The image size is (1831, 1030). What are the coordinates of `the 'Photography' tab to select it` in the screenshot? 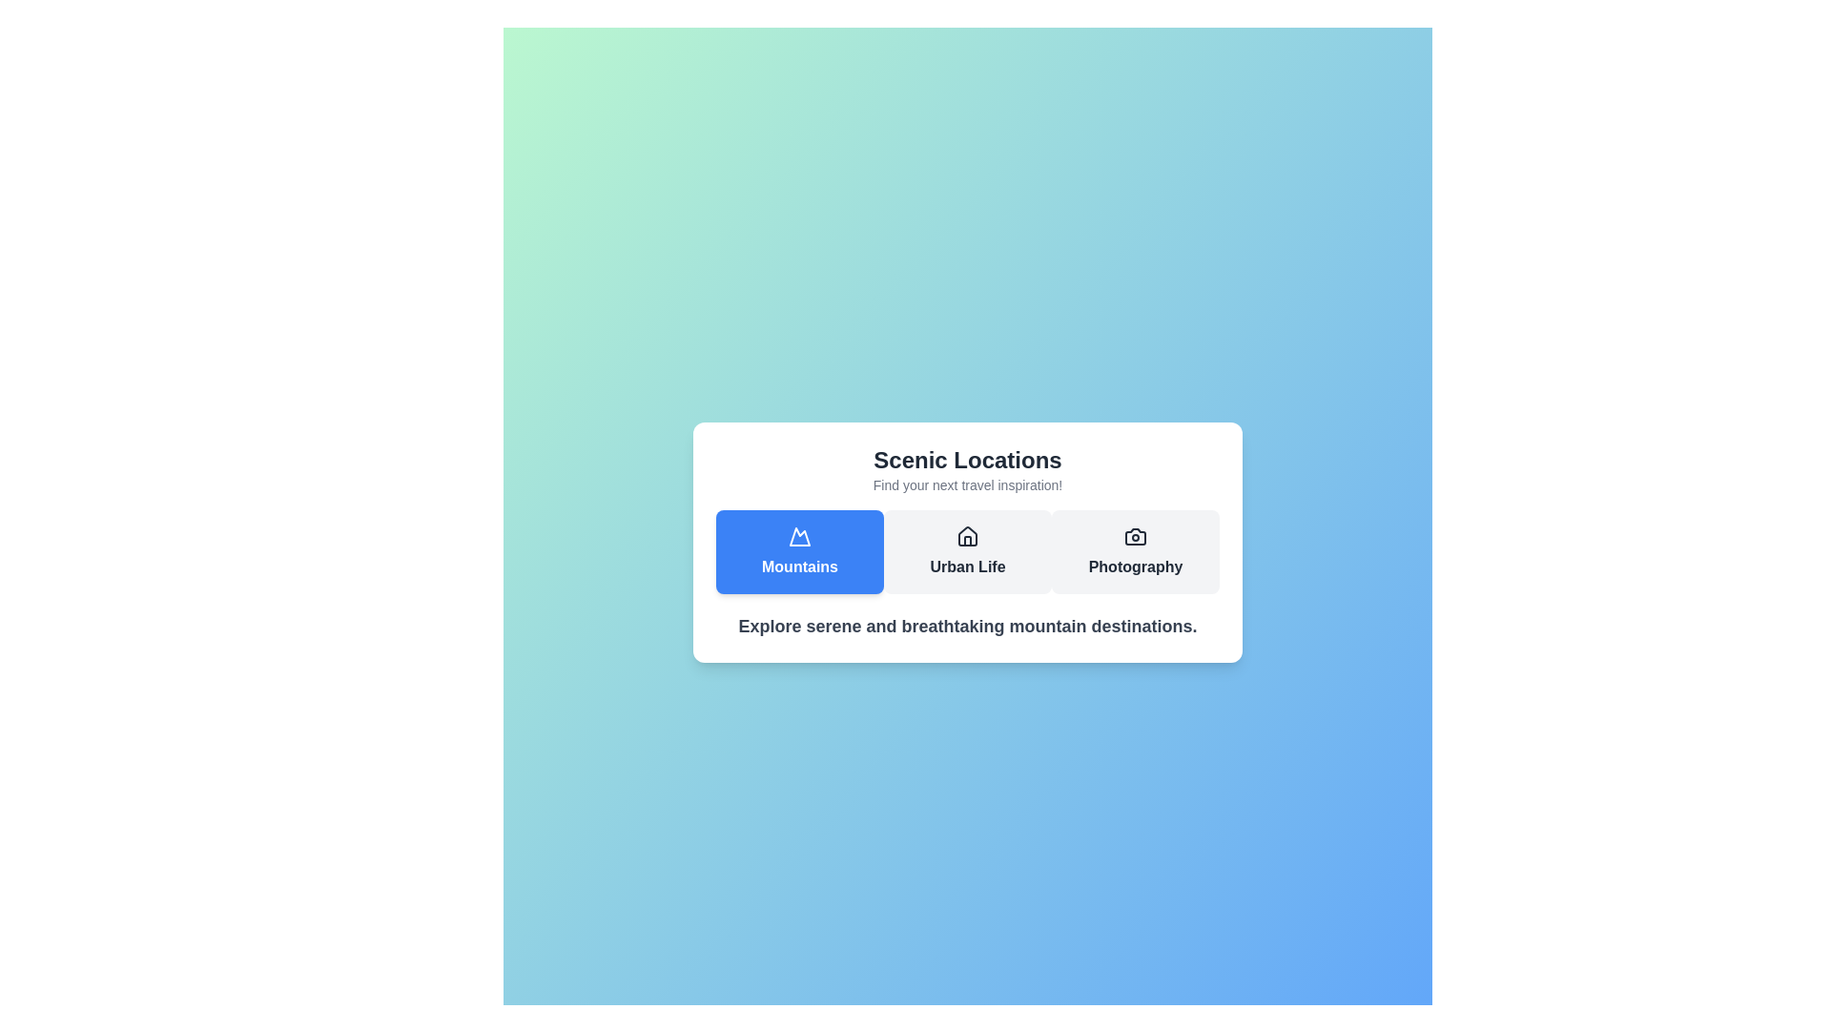 It's located at (1135, 551).